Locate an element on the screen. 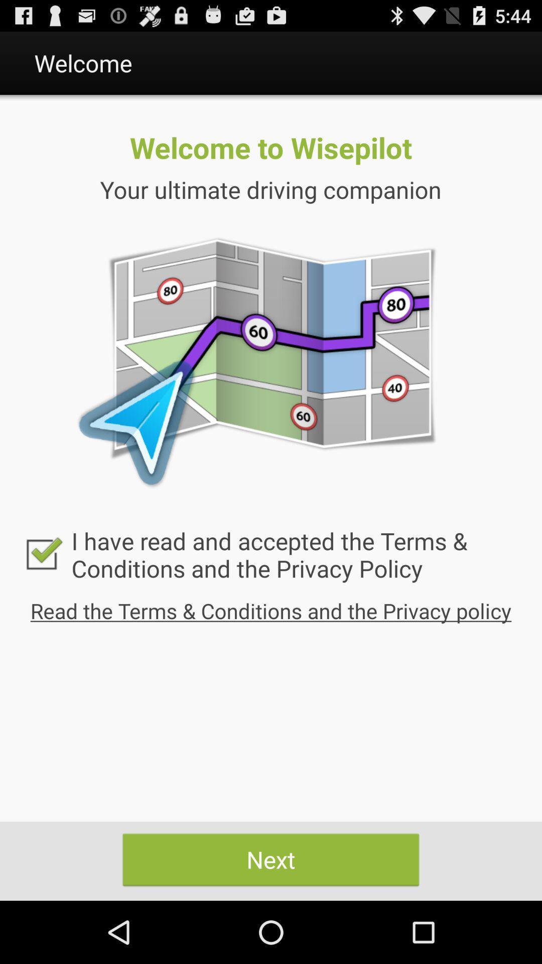  i have read icon is located at coordinates (271, 554).